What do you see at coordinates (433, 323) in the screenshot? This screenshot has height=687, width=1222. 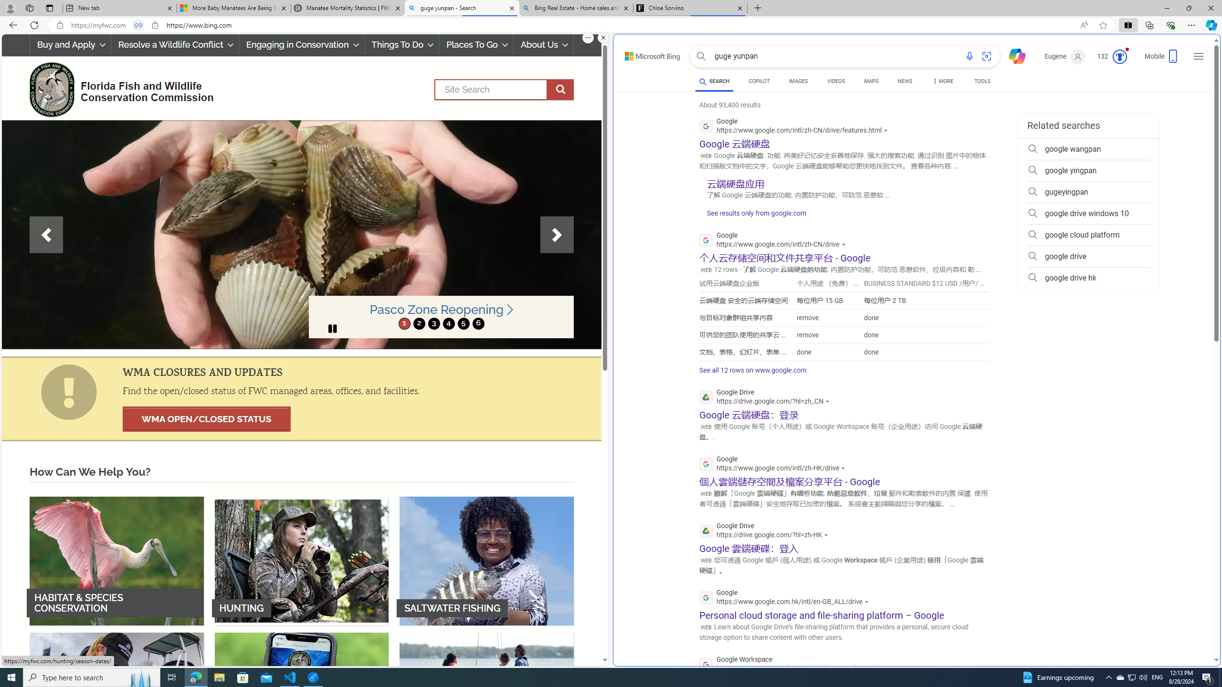 I see `'3'` at bounding box center [433, 323].